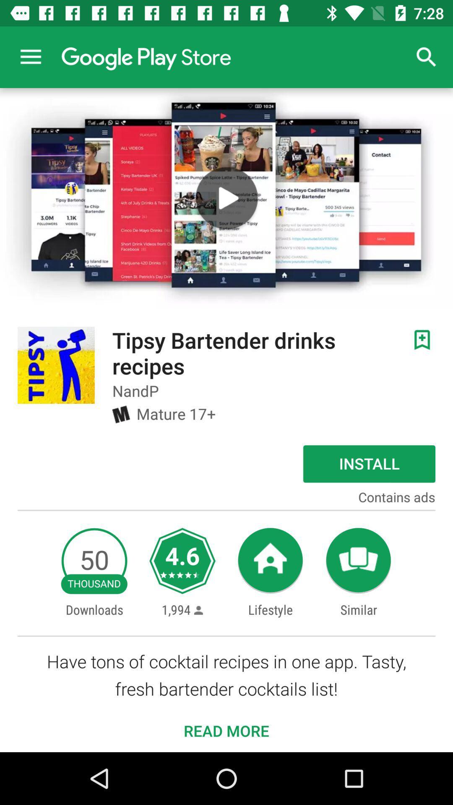  What do you see at coordinates (146, 57) in the screenshot?
I see `title right side of menu icon` at bounding box center [146, 57].